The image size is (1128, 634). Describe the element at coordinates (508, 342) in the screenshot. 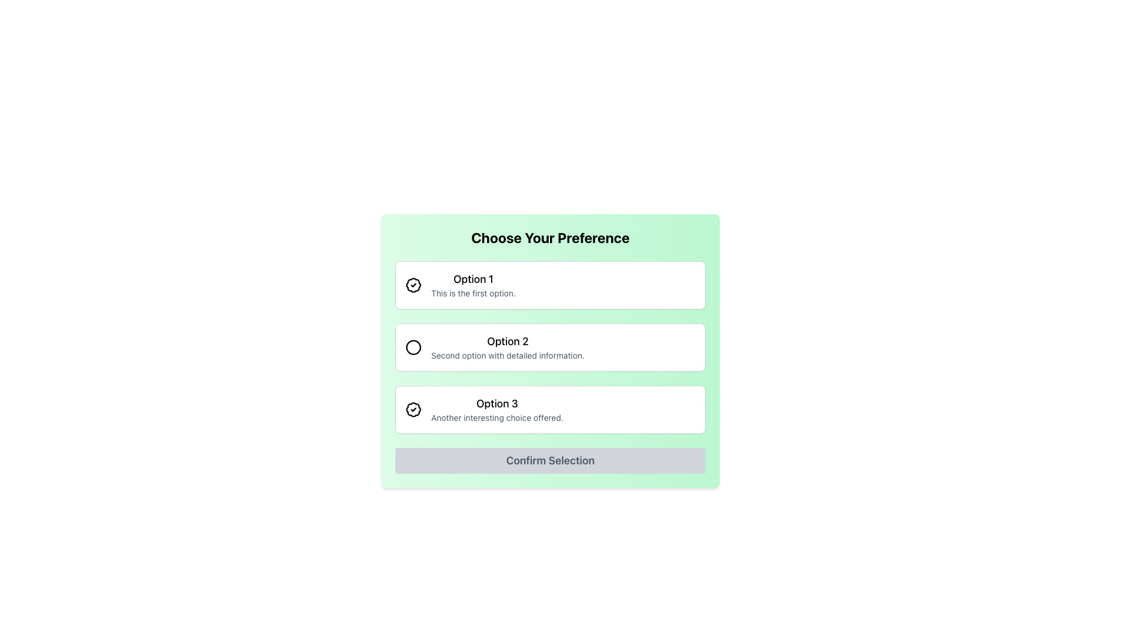

I see `the title Text Label located in the second option block` at that location.